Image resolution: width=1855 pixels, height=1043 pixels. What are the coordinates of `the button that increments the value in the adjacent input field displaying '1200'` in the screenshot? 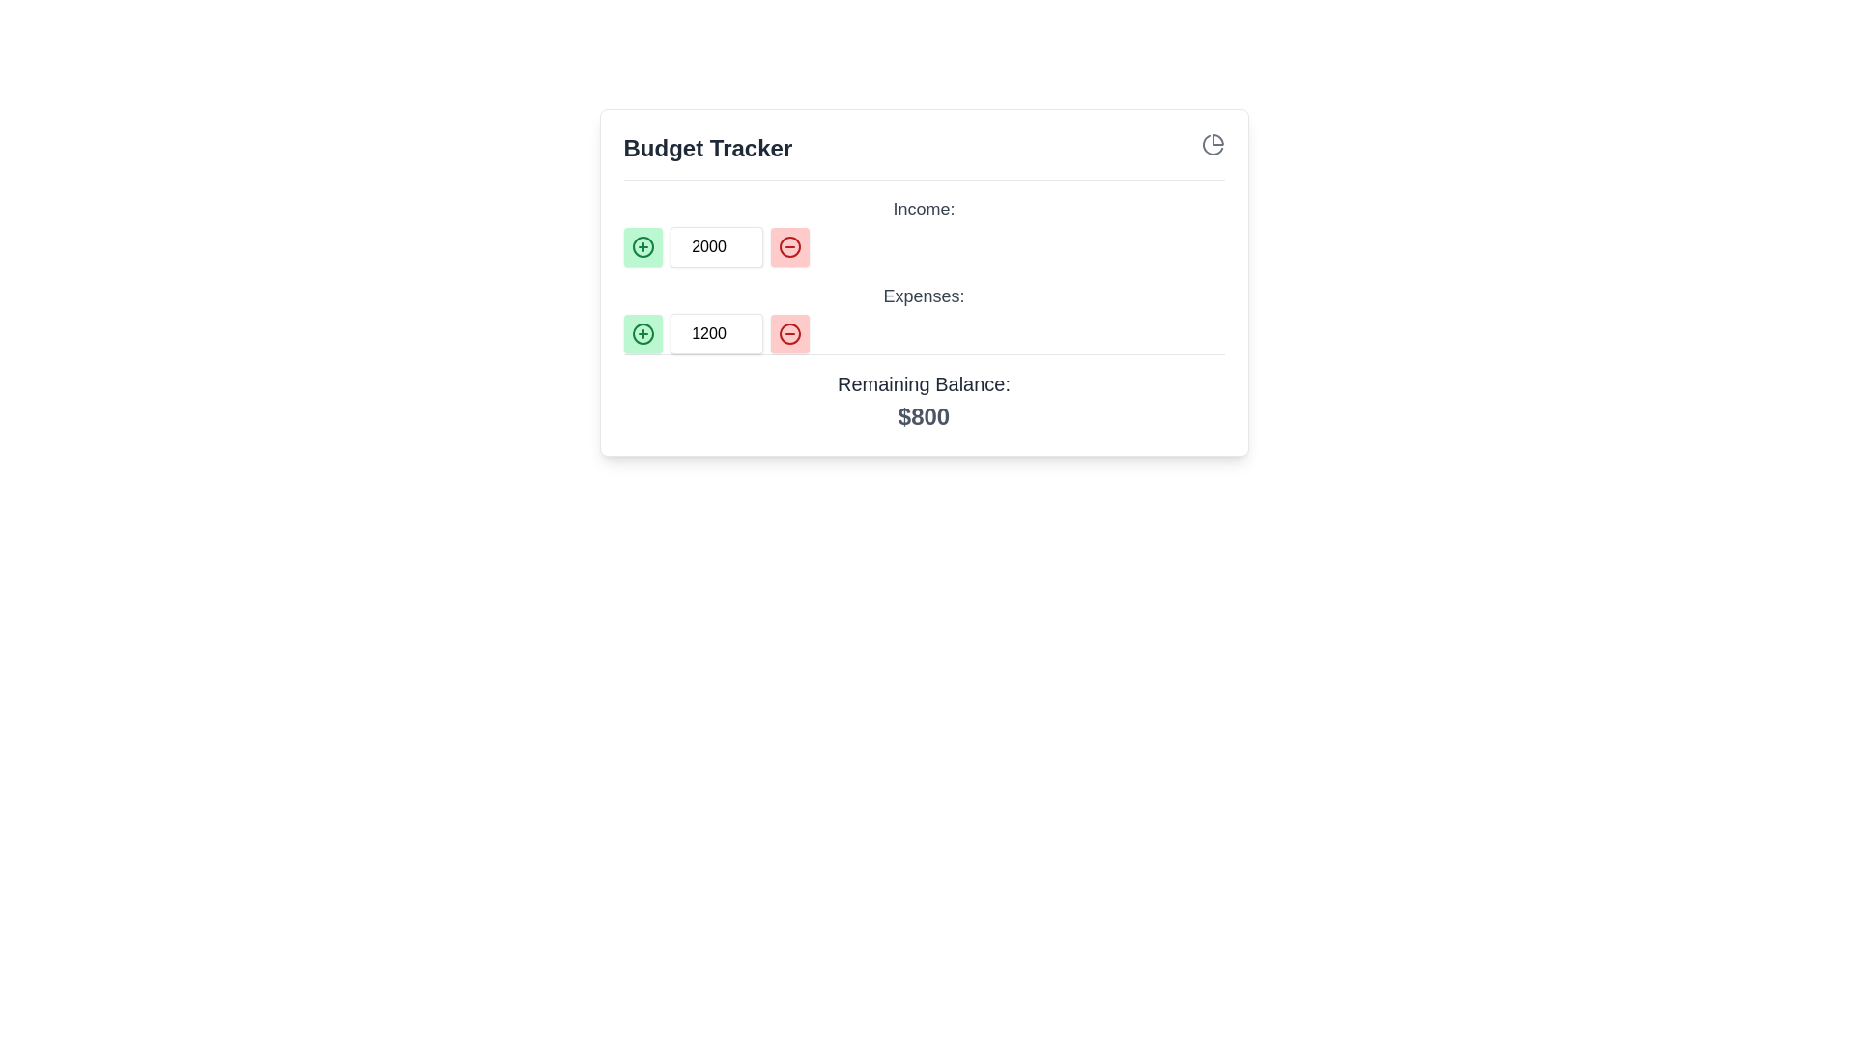 It's located at (642, 333).